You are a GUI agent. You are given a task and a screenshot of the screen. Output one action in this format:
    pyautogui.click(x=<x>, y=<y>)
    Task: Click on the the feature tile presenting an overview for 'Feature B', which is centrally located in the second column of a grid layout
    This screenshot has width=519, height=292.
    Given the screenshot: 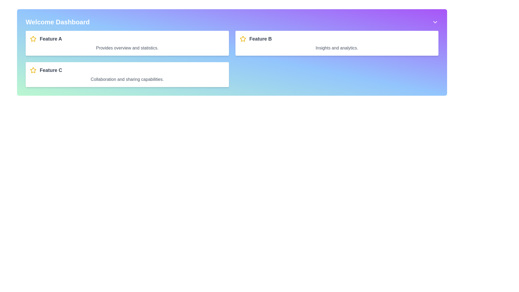 What is the action you would take?
    pyautogui.click(x=337, y=43)
    